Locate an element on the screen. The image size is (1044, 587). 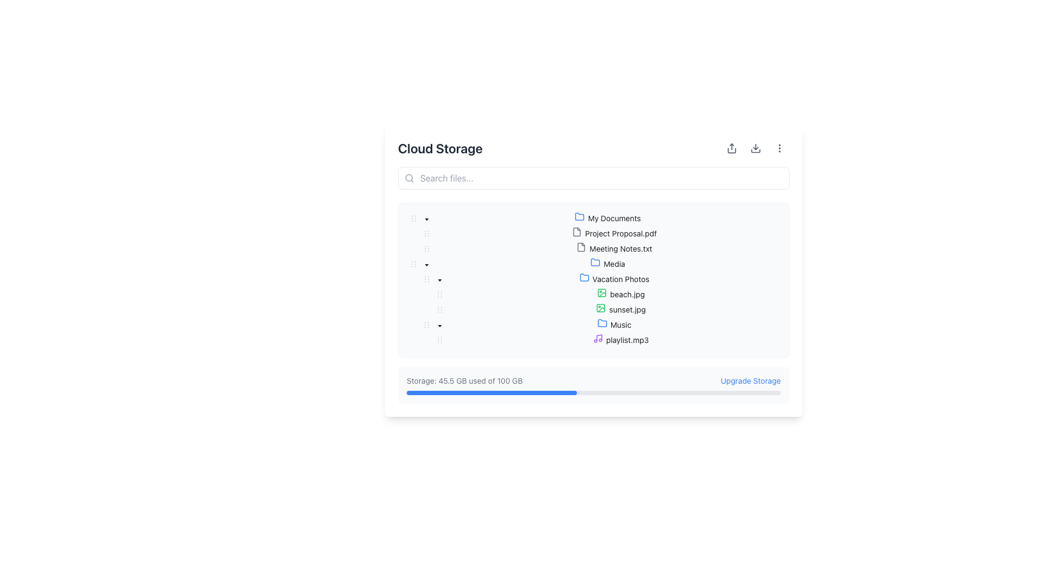
the small purple music icon next to the 'Music' label in the 'Vacation Photos' section is located at coordinates (597, 338).